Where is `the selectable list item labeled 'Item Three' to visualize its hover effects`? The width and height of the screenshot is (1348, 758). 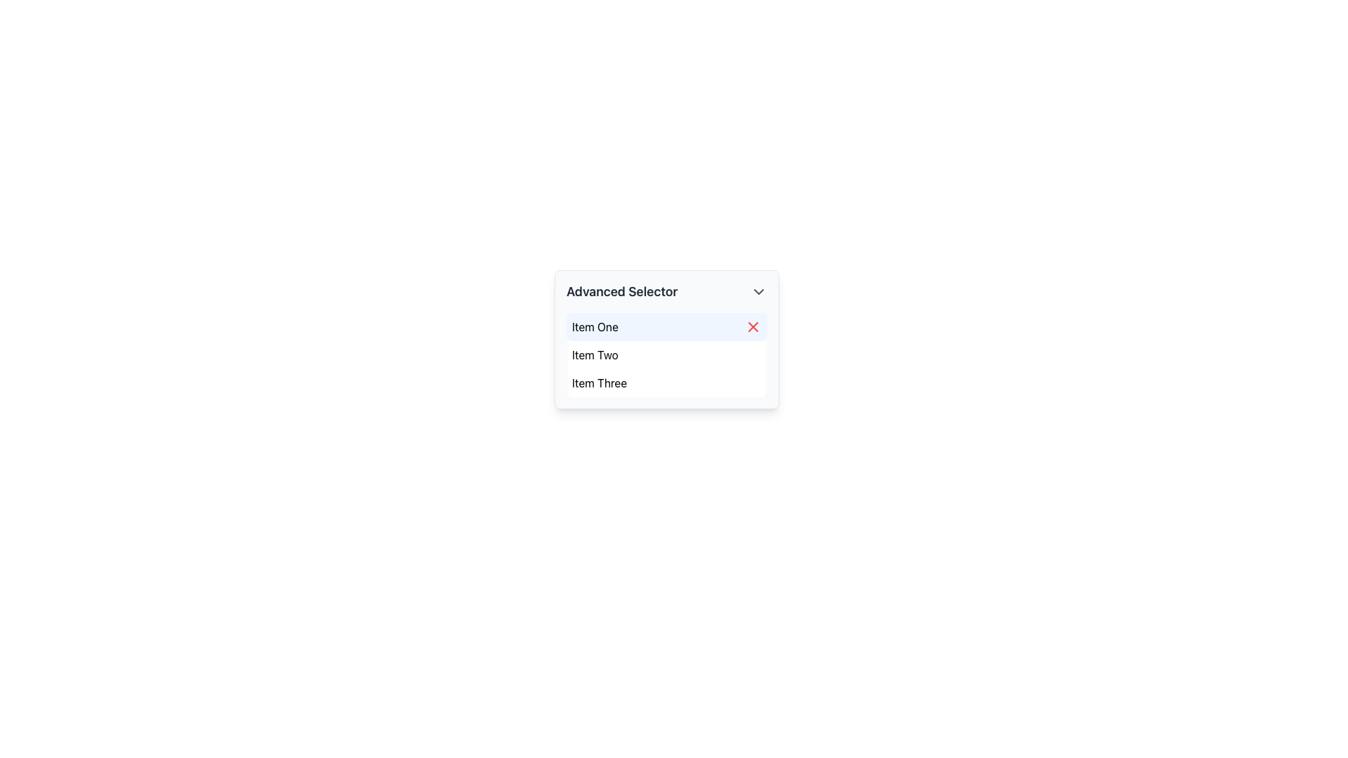 the selectable list item labeled 'Item Three' to visualize its hover effects is located at coordinates (666, 383).